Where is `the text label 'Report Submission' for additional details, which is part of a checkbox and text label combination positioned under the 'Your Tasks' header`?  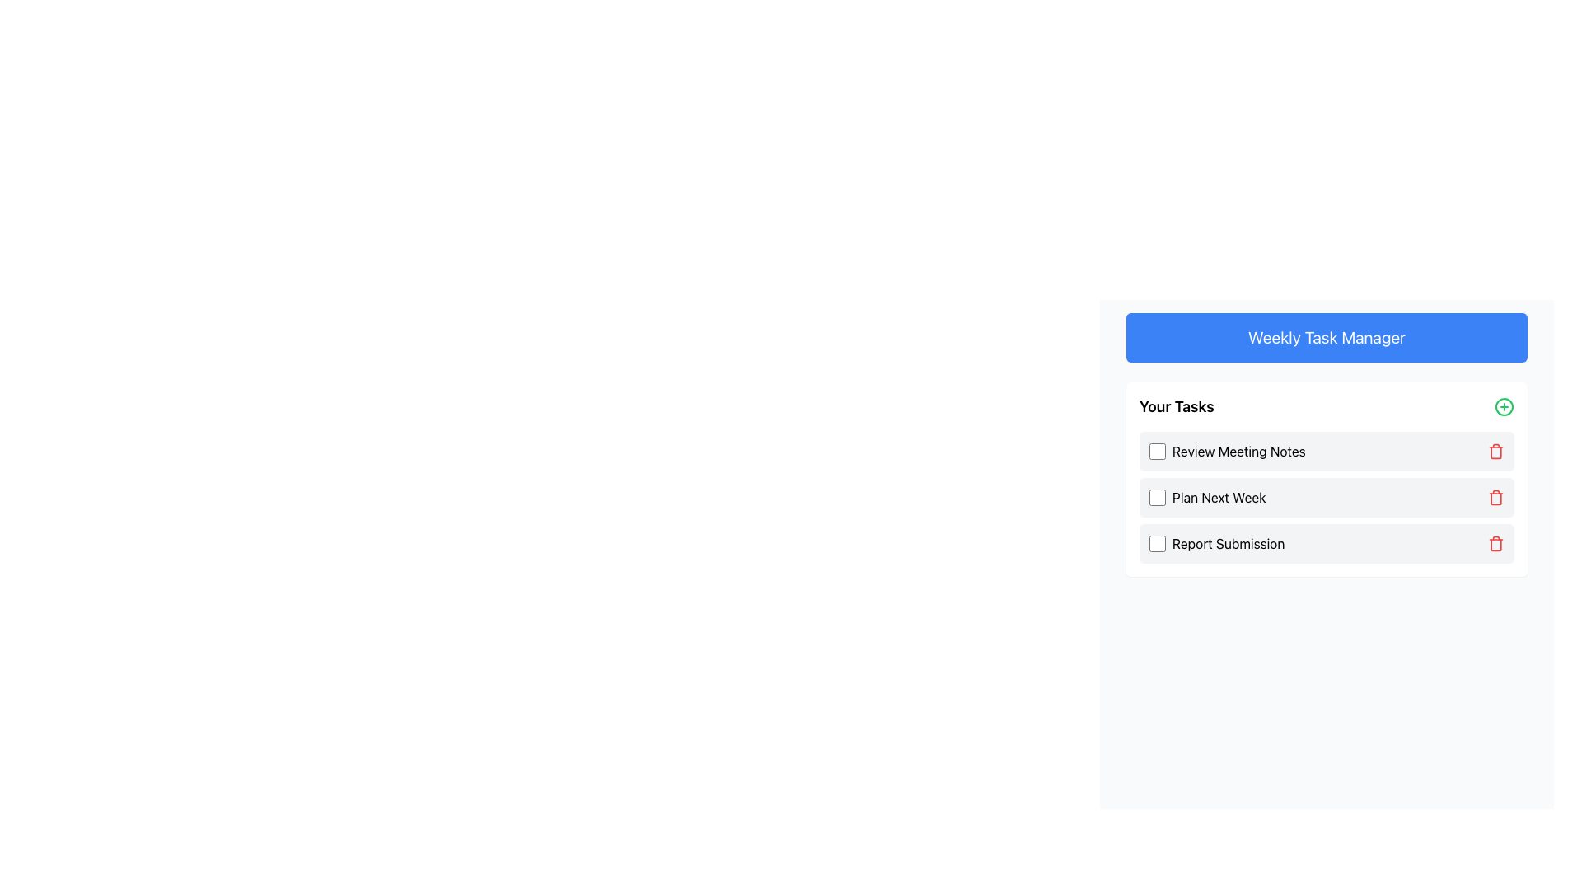 the text label 'Report Submission' for additional details, which is part of a checkbox and text label combination positioned under the 'Your Tasks' header is located at coordinates (1217, 543).